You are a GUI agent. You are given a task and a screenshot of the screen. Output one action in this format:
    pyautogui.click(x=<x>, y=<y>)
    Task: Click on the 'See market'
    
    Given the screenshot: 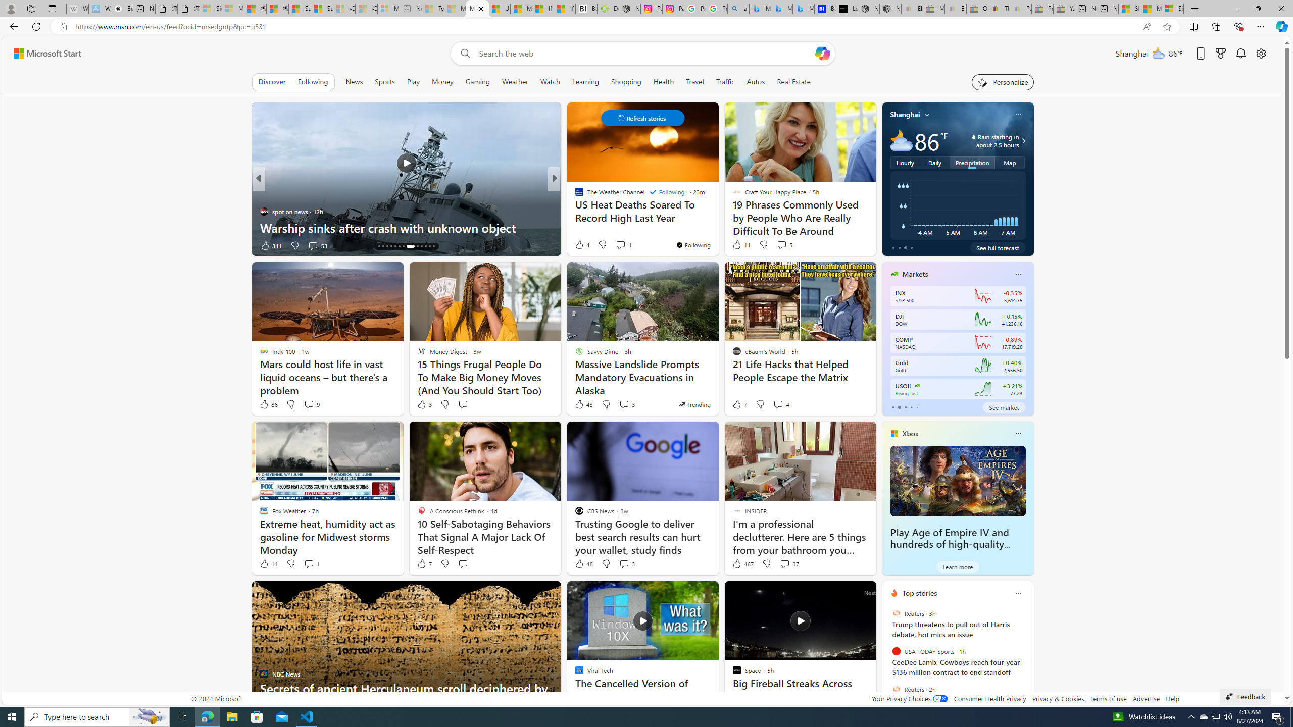 What is the action you would take?
    pyautogui.click(x=1003, y=407)
    